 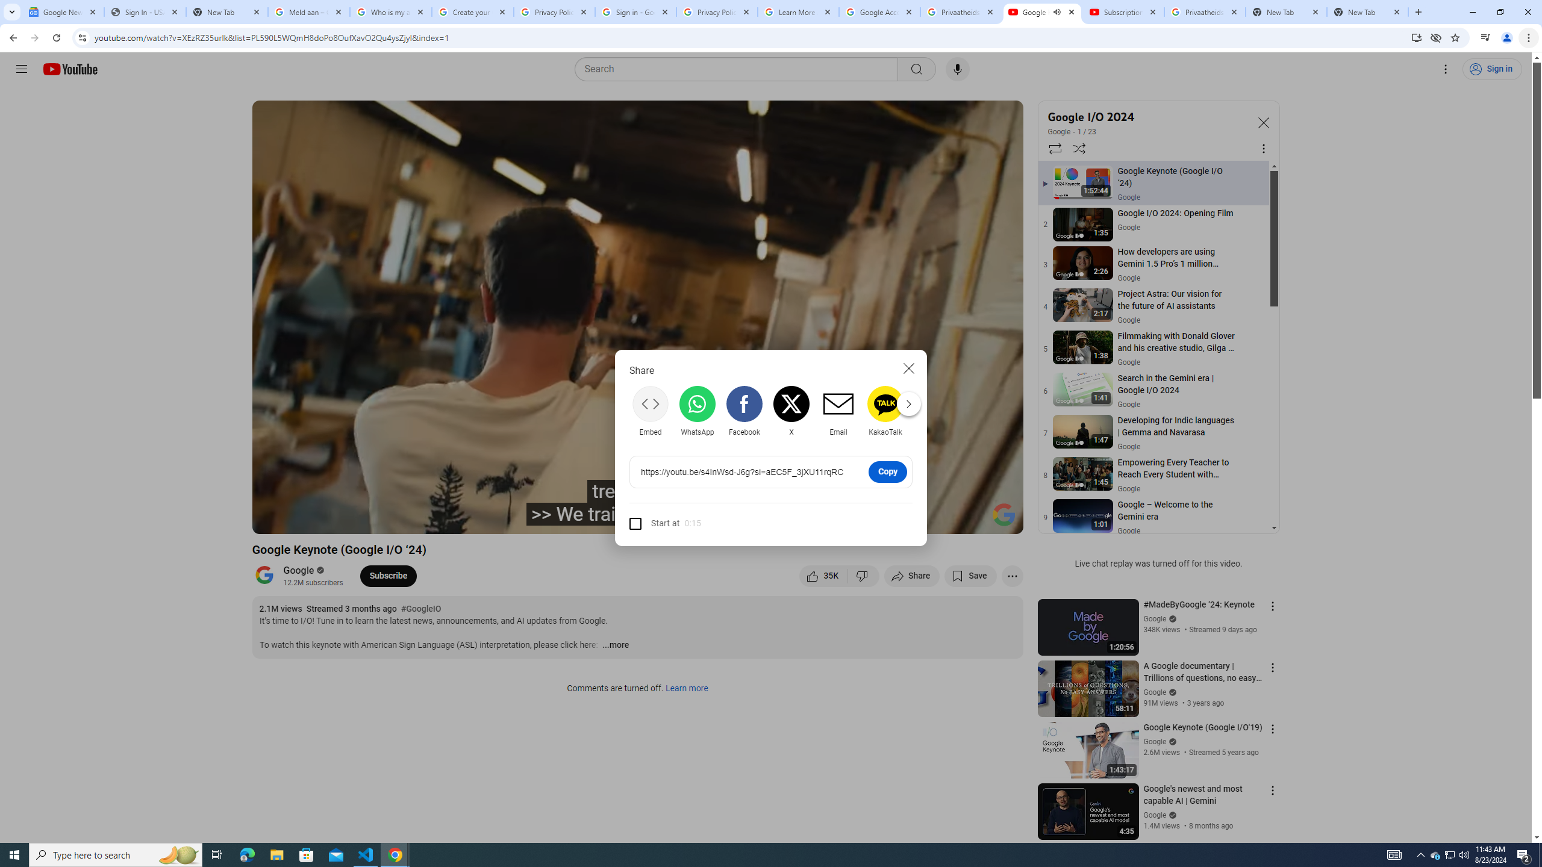 I want to click on 'Sign In - USA TODAY', so click(x=145, y=11).